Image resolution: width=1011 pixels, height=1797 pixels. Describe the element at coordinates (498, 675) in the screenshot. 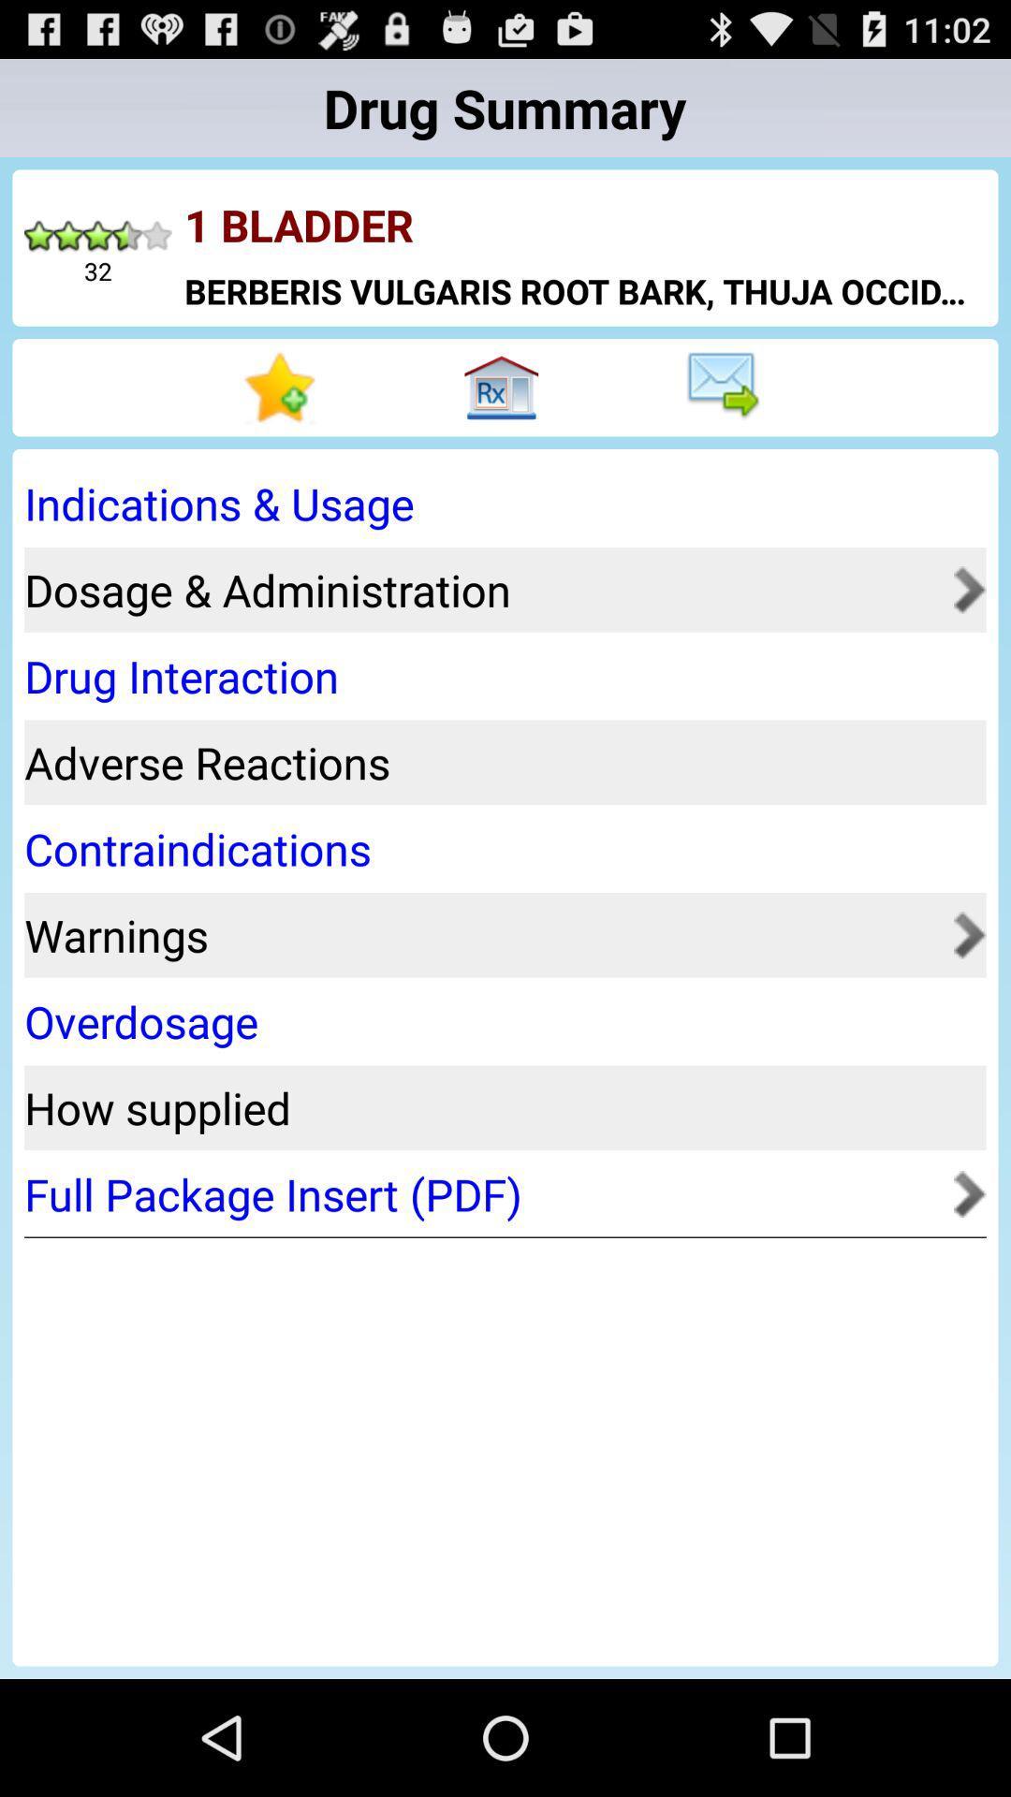

I see `icon above adverse reactions icon` at that location.